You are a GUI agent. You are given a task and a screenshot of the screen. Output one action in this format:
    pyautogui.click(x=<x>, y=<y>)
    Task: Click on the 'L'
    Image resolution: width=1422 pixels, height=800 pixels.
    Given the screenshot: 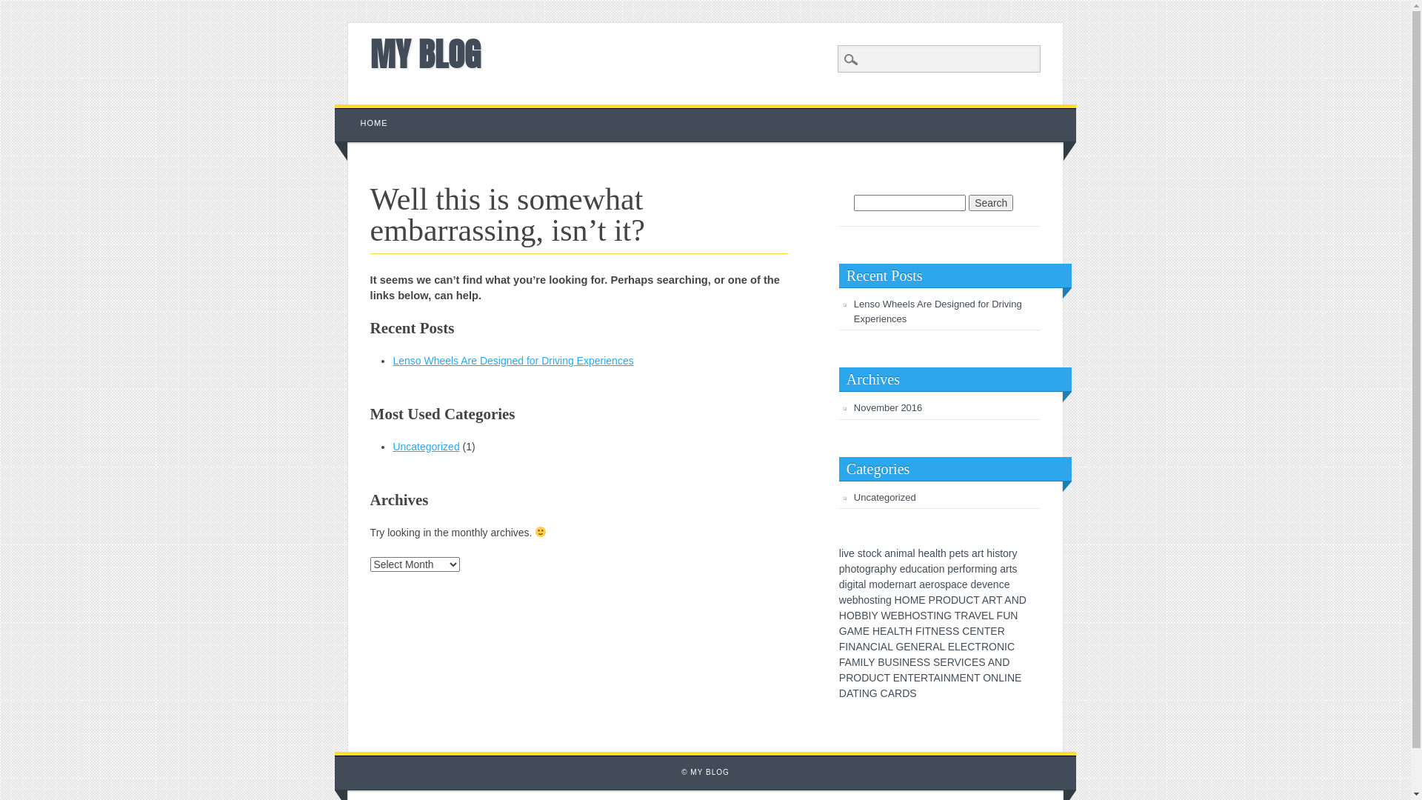 What is the action you would take?
    pyautogui.click(x=957, y=645)
    